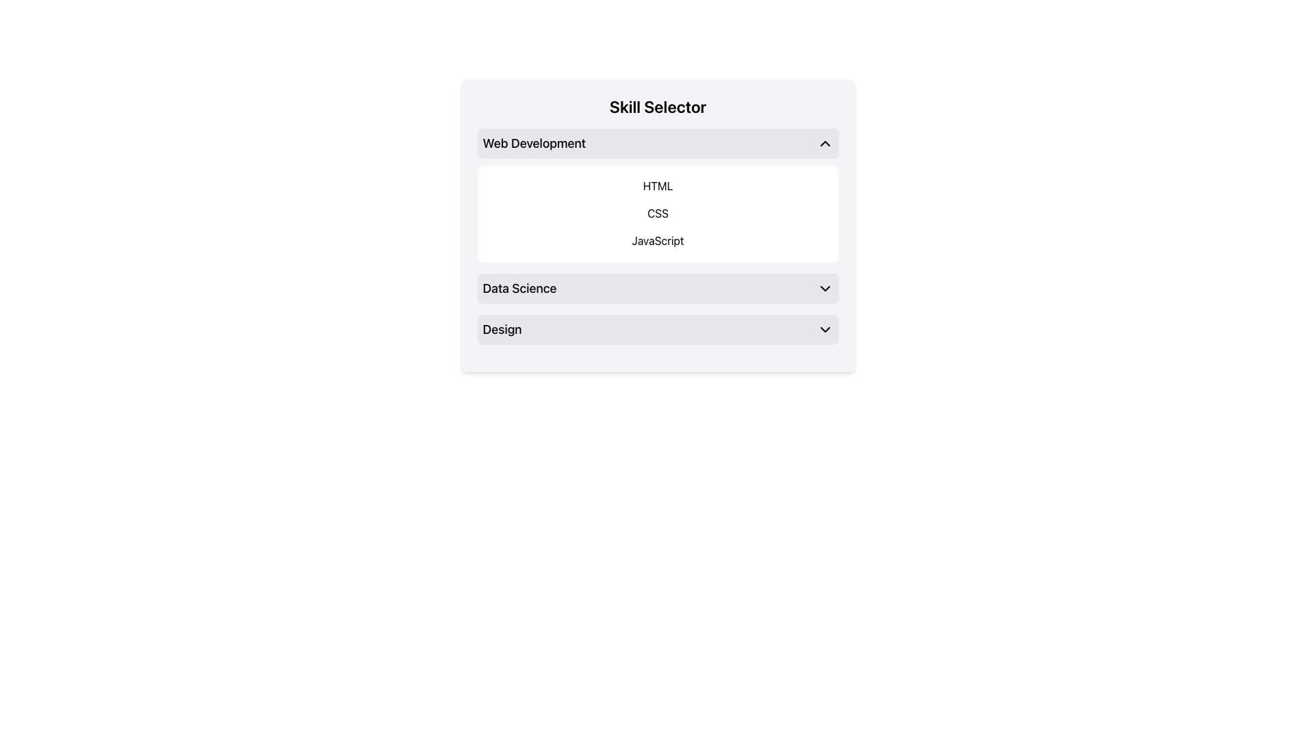  I want to click on the icon located to the right of the 'Data Science' text, so click(824, 287).